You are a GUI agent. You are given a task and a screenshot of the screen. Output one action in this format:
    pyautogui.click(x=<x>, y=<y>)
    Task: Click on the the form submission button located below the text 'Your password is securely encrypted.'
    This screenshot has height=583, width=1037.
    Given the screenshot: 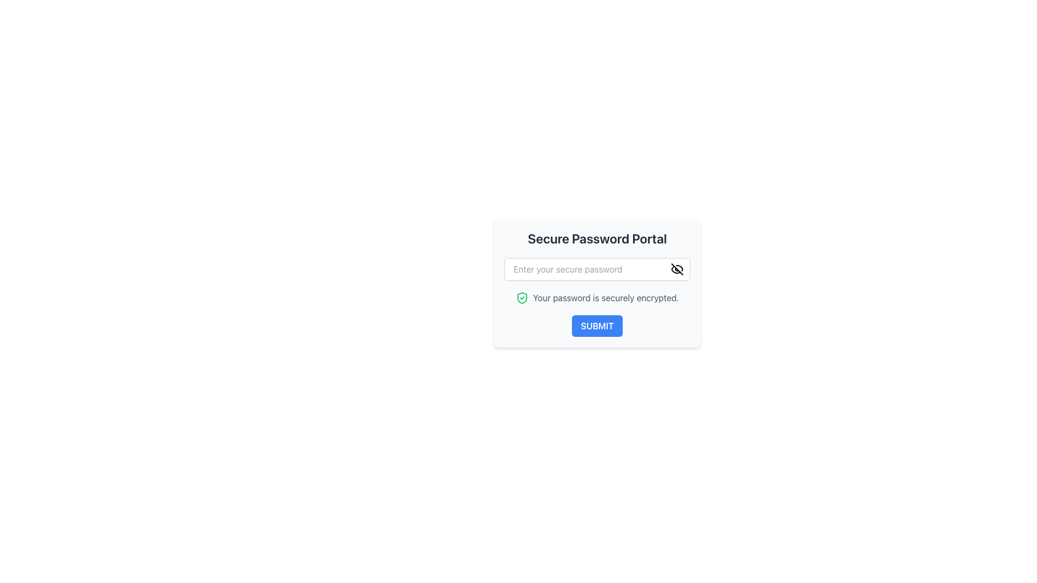 What is the action you would take?
    pyautogui.click(x=596, y=326)
    